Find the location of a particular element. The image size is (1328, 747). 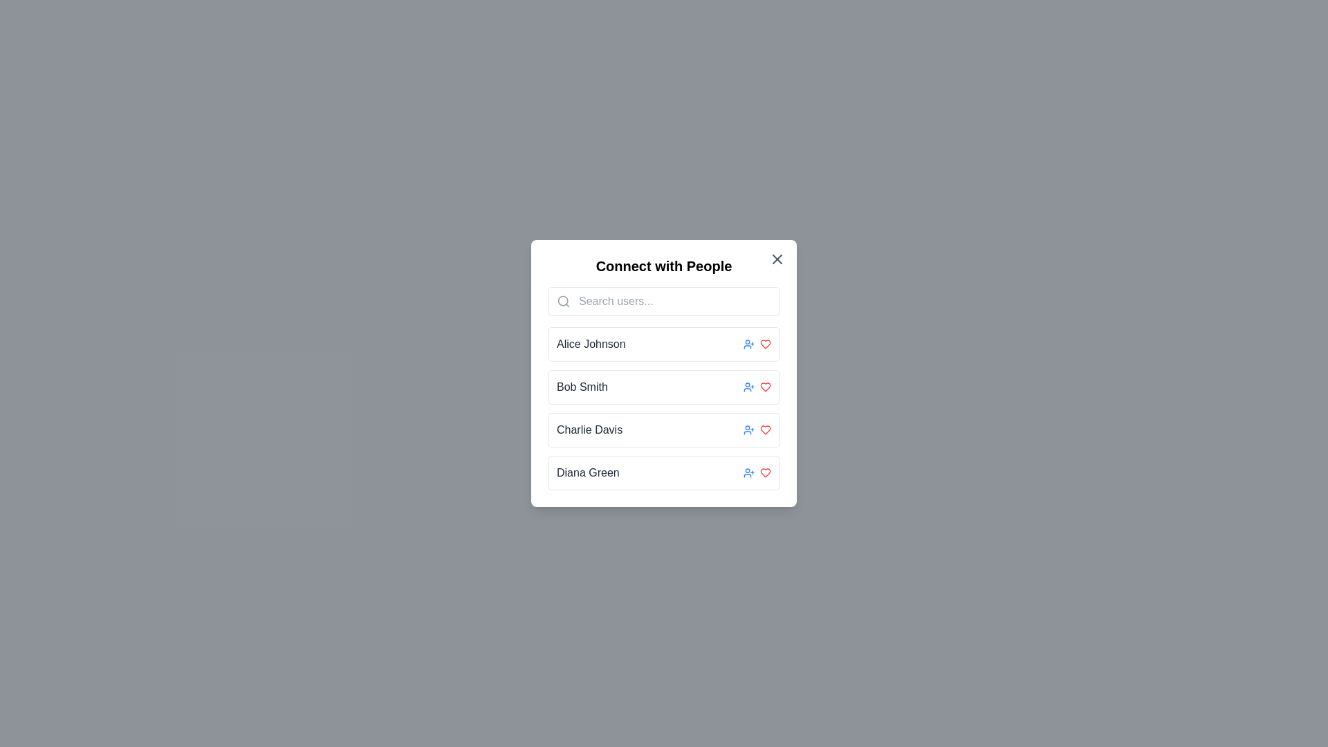

the diagonal cross (X) icon in the top-right corner of the 'Connect with People' modal is located at coordinates (777, 259).